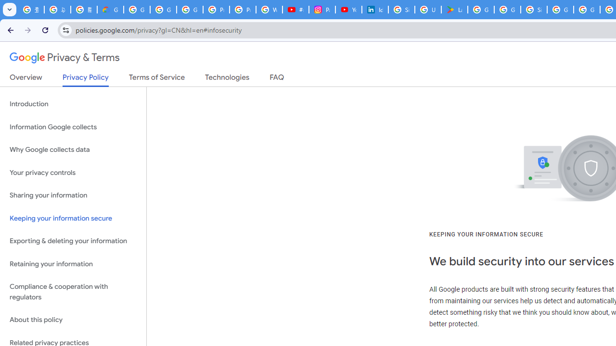 This screenshot has height=346, width=616. I want to click on 'Retaining your information', so click(73, 264).